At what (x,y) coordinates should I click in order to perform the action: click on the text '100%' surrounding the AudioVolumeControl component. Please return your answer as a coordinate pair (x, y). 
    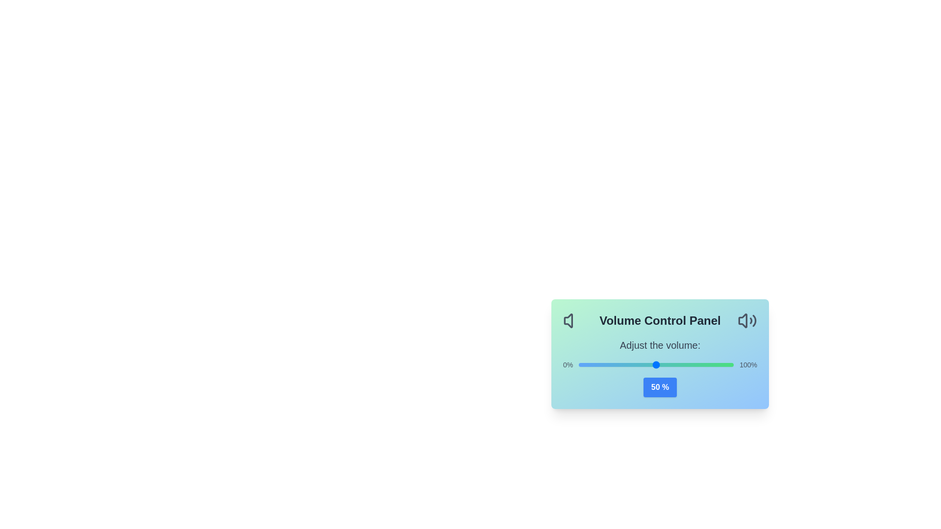
    Looking at the image, I should click on (747, 364).